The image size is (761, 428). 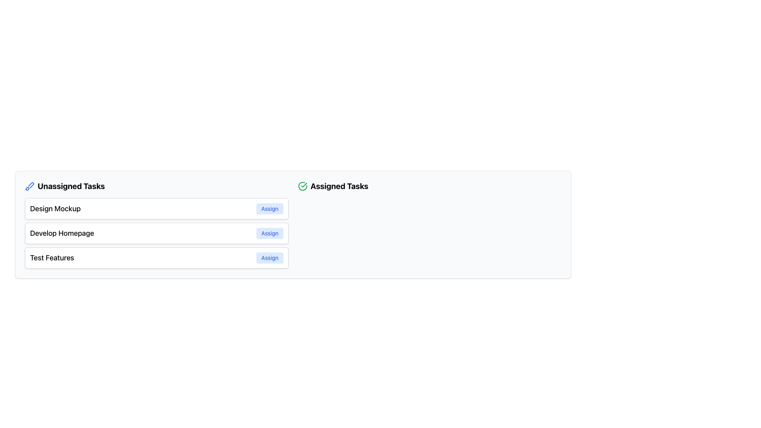 I want to click on the 'Assign' button with a light blue background and dark blue text located to the right of 'Design Mockup' in the 'Unassigned Tasks' section, so click(x=270, y=208).